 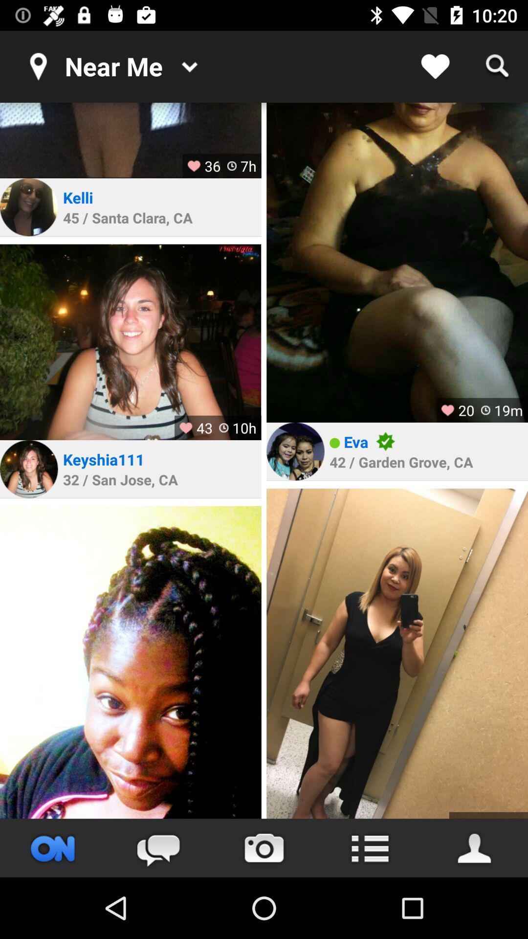 I want to click on the chat icon, so click(x=158, y=848).